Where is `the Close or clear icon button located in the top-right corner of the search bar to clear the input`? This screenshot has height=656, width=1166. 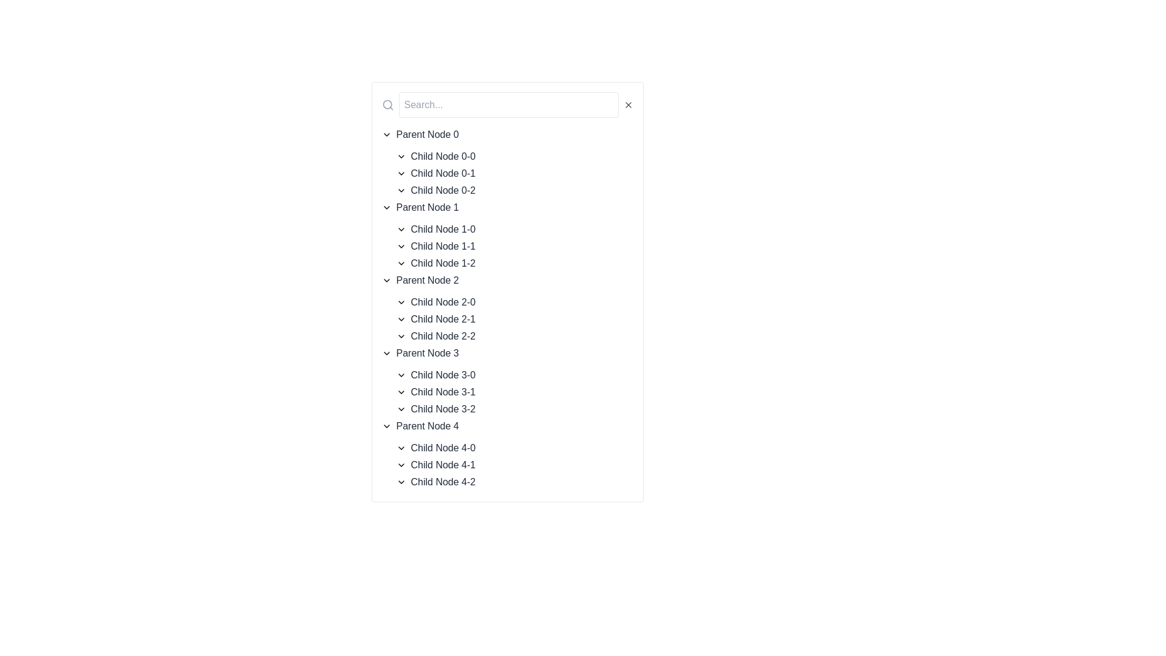 the Close or clear icon button located in the top-right corner of the search bar to clear the input is located at coordinates (628, 104).